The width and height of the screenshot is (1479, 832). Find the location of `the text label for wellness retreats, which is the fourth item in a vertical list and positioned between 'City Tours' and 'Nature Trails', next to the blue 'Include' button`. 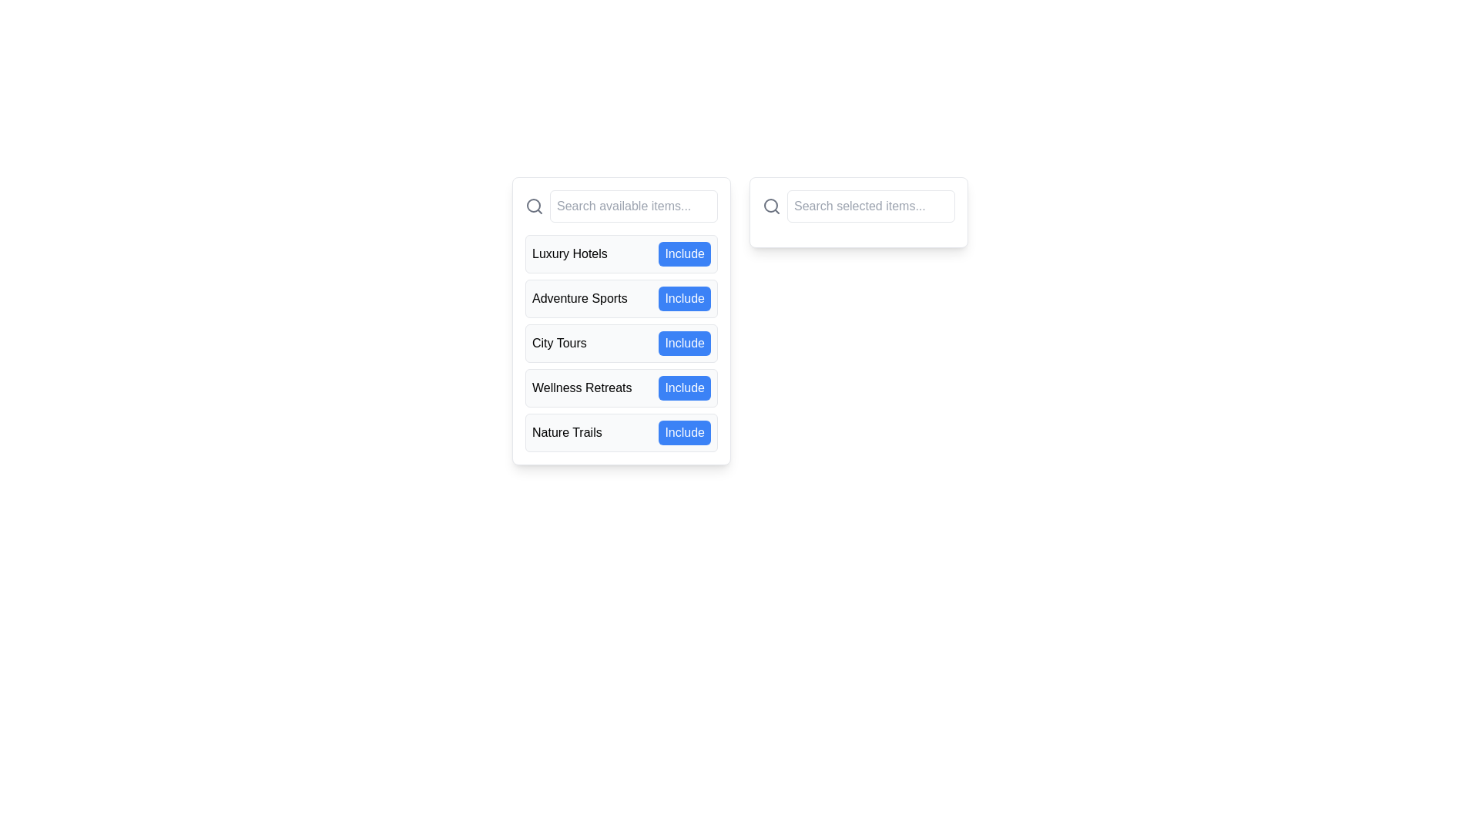

the text label for wellness retreats, which is the fourth item in a vertical list and positioned between 'City Tours' and 'Nature Trails', next to the blue 'Include' button is located at coordinates (581, 387).